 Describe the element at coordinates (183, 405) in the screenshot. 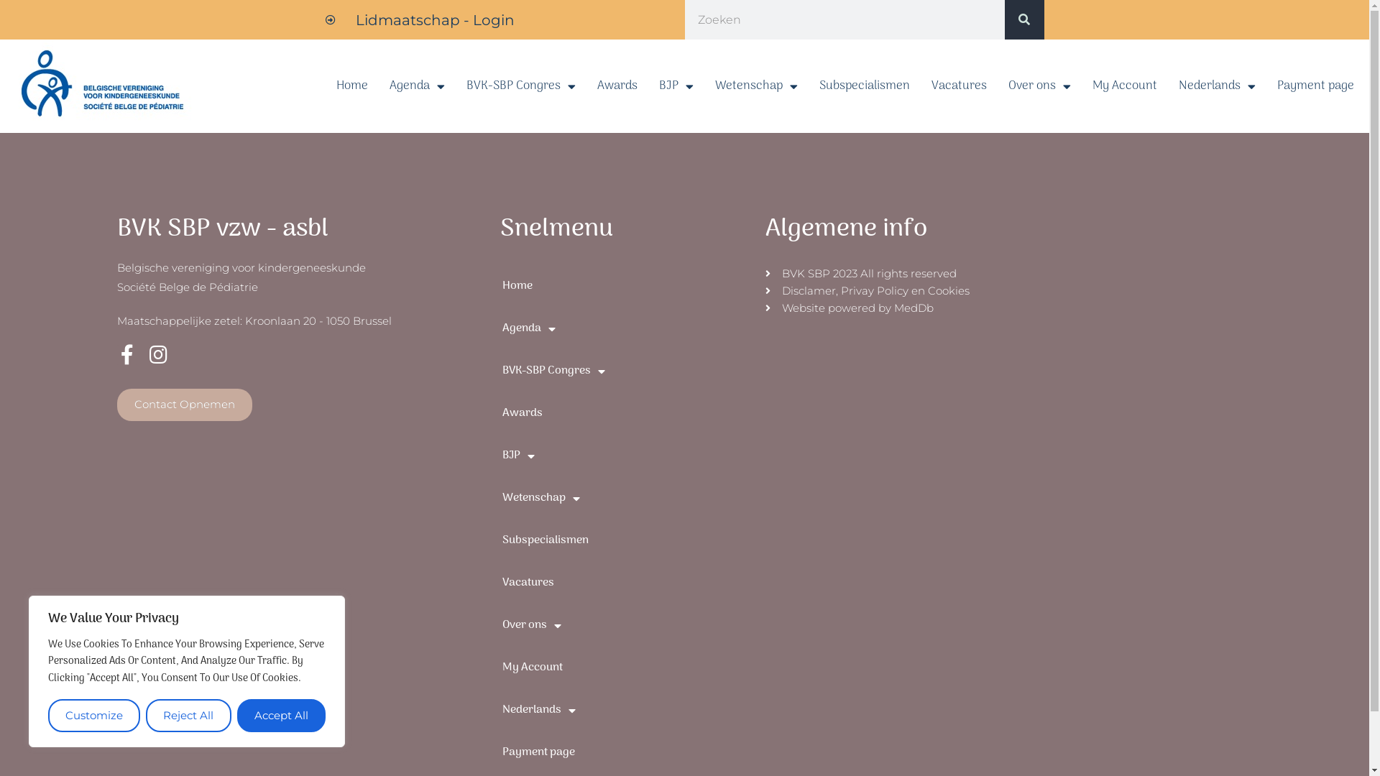

I see `'Contact Opnemen'` at that location.